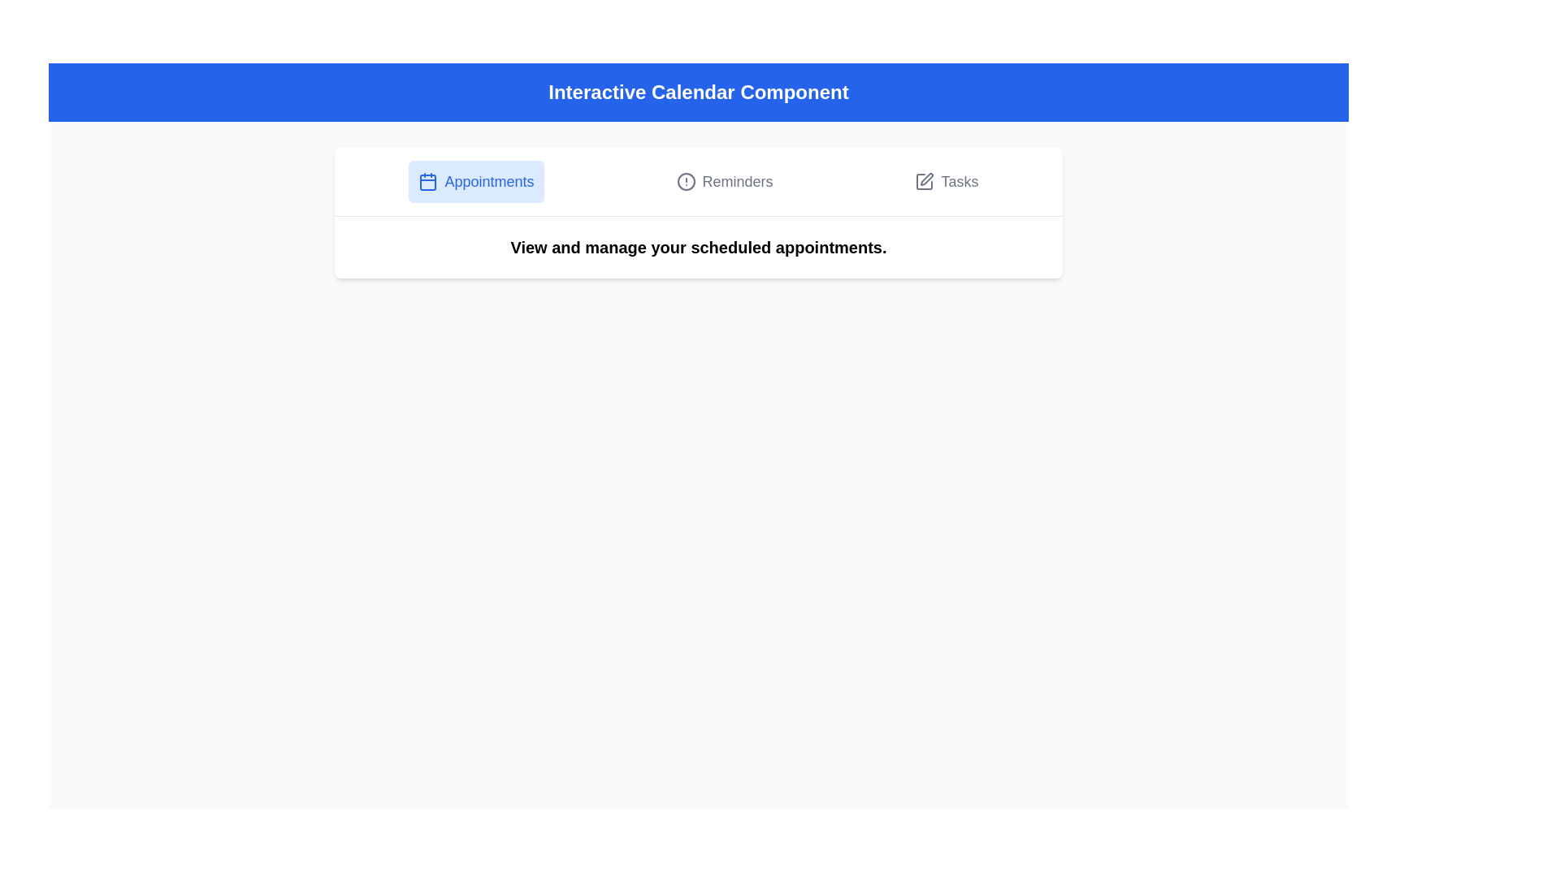  I want to click on the Appointments tab, so click(475, 181).